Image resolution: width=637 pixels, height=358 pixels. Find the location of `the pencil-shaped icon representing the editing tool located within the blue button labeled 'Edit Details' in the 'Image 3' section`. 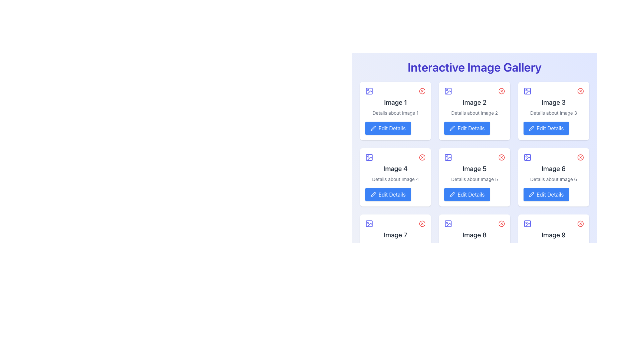

the pencil-shaped icon representing the editing tool located within the blue button labeled 'Edit Details' in the 'Image 3' section is located at coordinates (531, 128).